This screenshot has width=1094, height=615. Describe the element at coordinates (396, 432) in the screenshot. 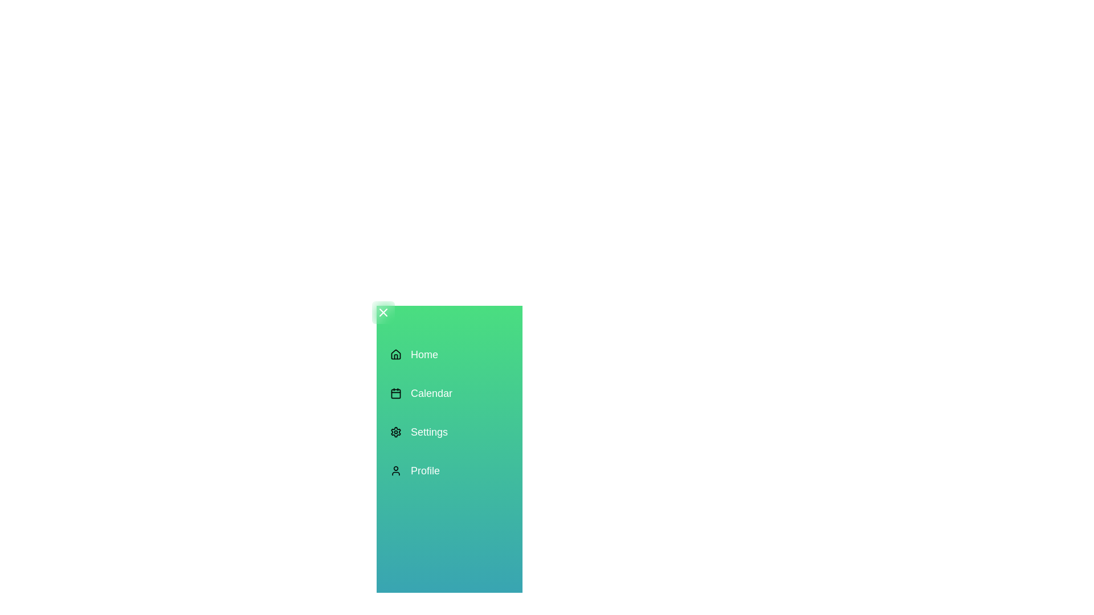

I see `the gear icon representing settings, which is part of the menu option labeled 'Settings'` at that location.